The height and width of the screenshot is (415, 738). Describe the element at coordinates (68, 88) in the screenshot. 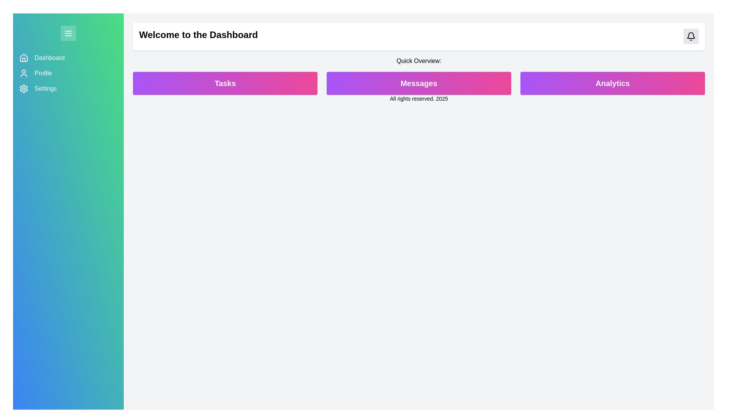

I see `the navigation link in the sidebar menu, positioned directly below the 'Profile' item` at that location.